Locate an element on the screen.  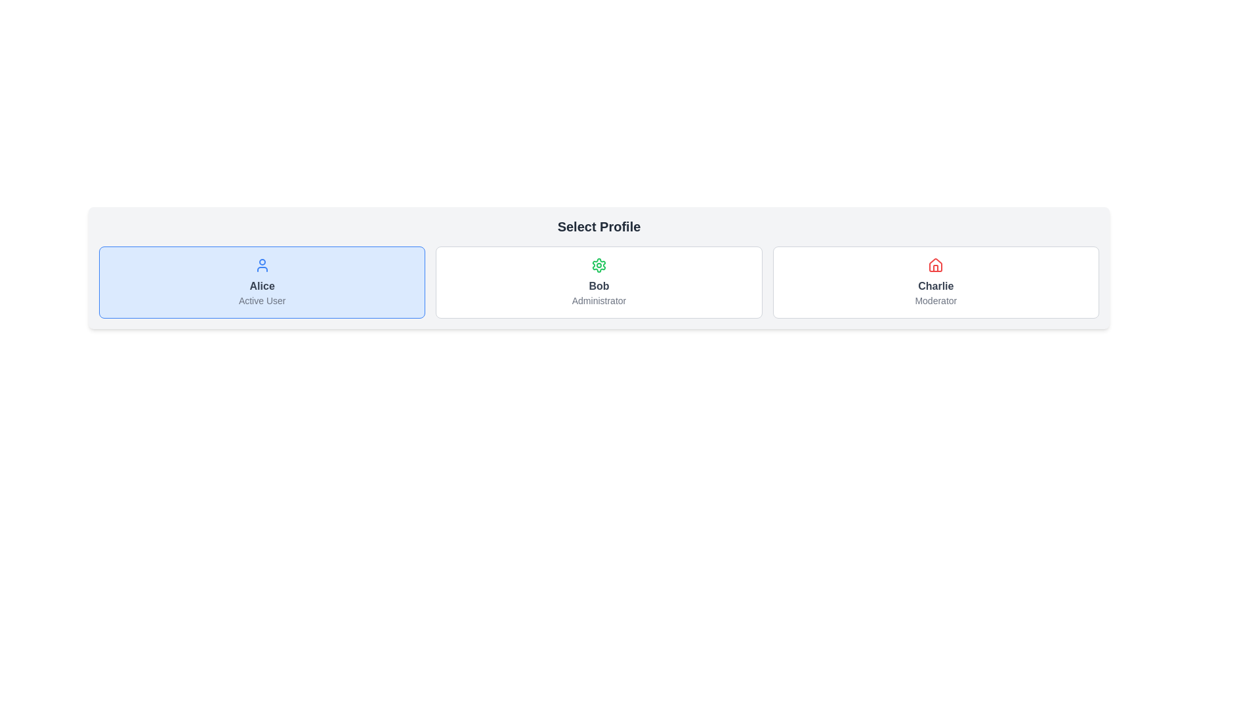
the green settings icon with a gear outline located above the text 'Bob Administrator' in the profile card is located at coordinates (598, 265).